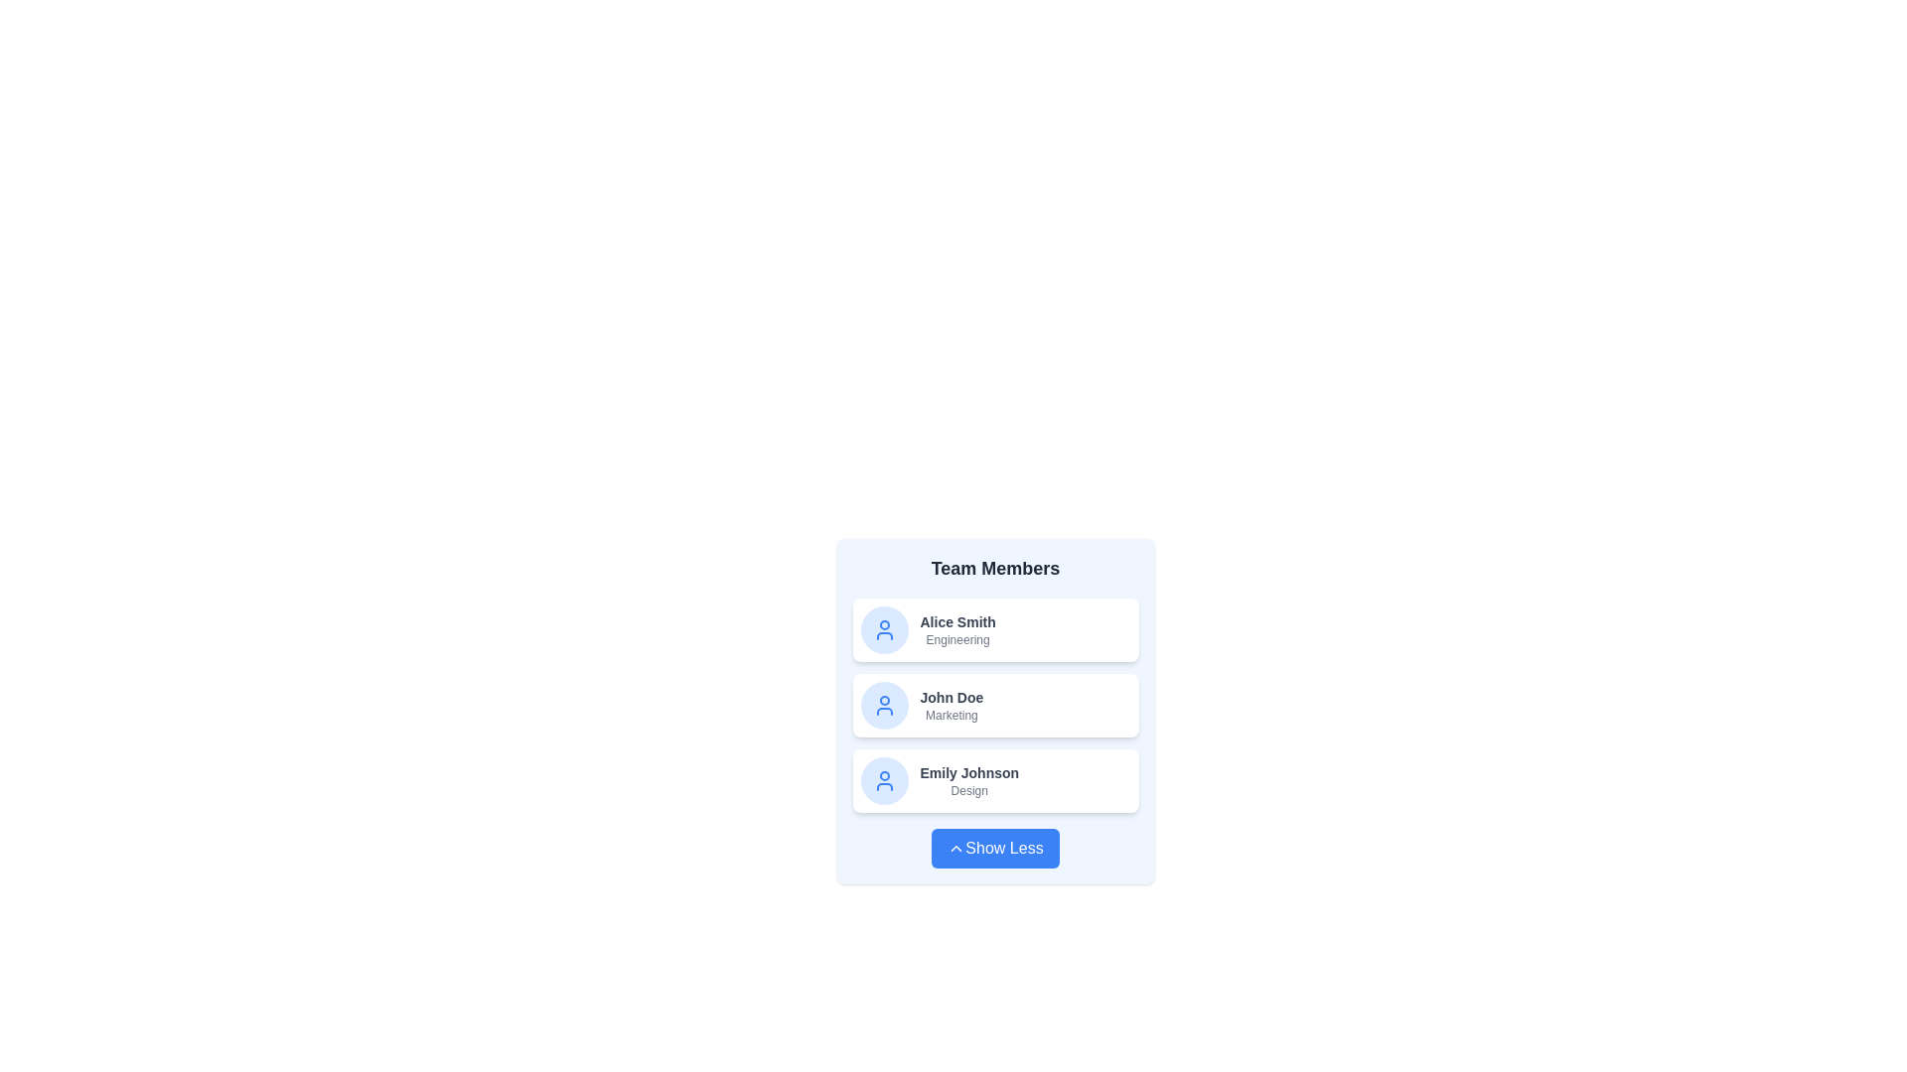 This screenshot has height=1072, width=1907. I want to click on the label displaying the name and role of an individual in the first item of the 'Team Members' section, so click(957, 630).